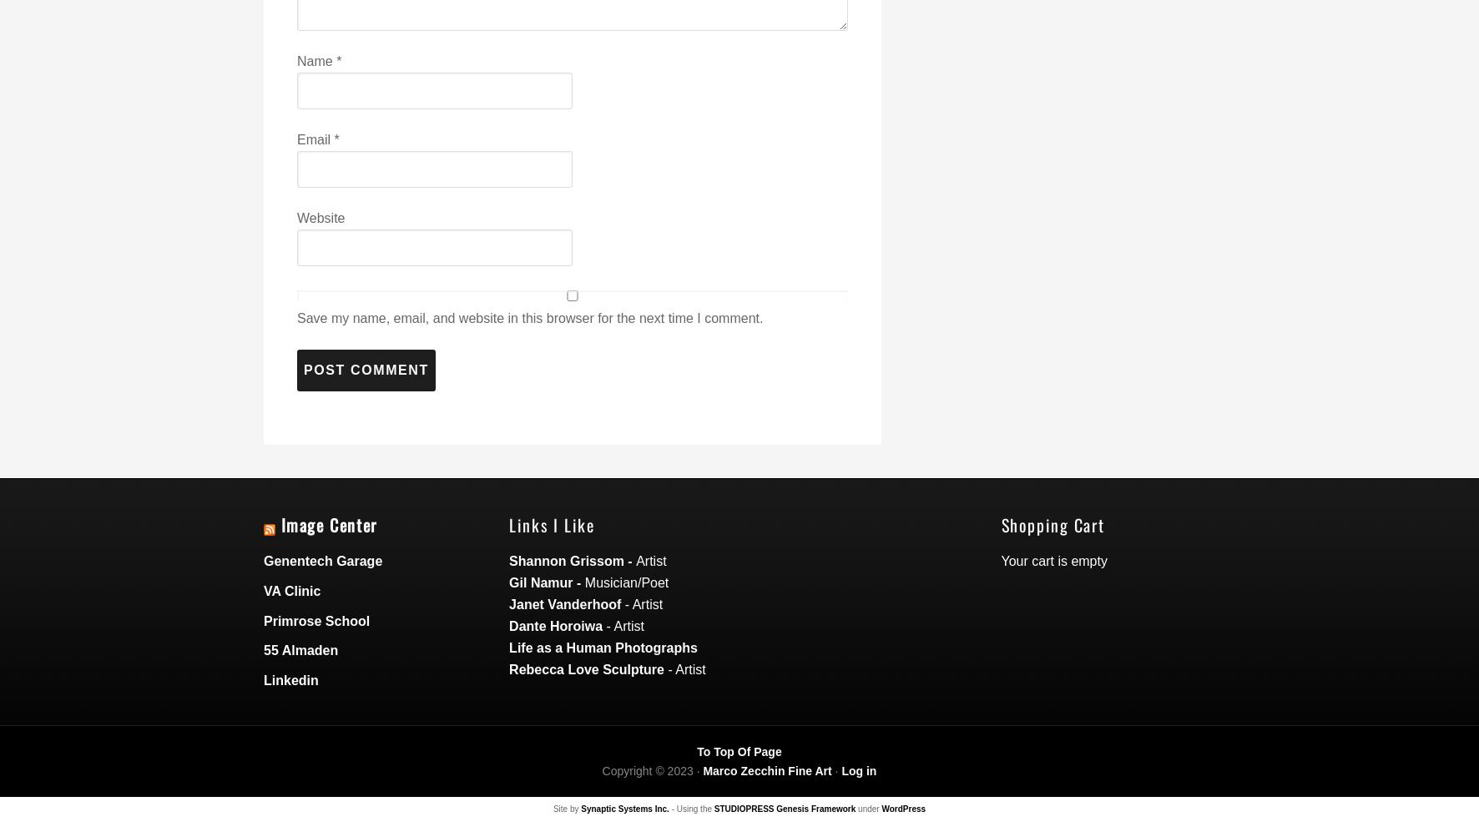 The image size is (1479, 837). Describe the element at coordinates (859, 769) in the screenshot. I see `'Log in'` at that location.